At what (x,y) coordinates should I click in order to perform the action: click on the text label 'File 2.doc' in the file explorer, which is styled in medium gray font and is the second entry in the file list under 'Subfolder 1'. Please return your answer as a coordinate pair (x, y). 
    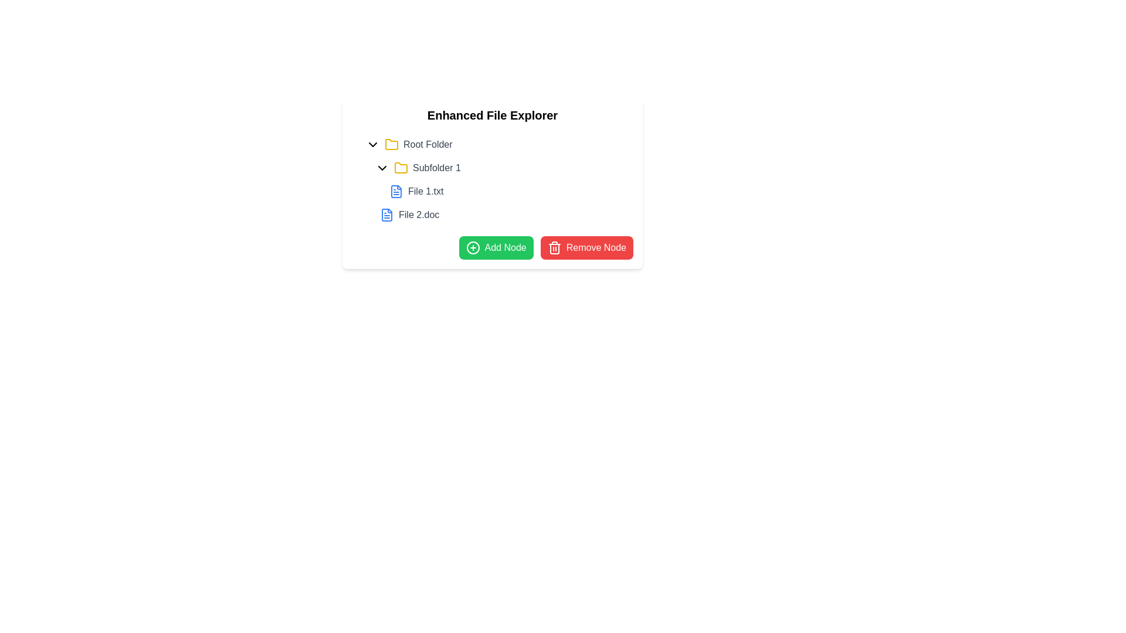
    Looking at the image, I should click on (419, 215).